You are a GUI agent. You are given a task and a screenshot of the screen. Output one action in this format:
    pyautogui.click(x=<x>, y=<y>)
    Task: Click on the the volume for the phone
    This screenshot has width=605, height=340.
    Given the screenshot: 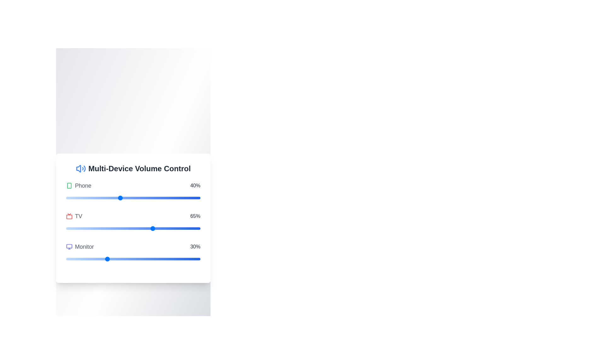 What is the action you would take?
    pyautogui.click(x=144, y=197)
    